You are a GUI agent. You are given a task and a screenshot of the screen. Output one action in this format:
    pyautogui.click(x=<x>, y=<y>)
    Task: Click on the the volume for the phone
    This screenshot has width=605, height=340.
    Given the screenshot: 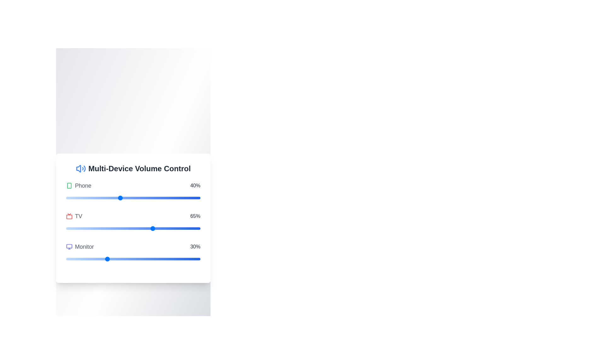 What is the action you would take?
    pyautogui.click(x=144, y=197)
    